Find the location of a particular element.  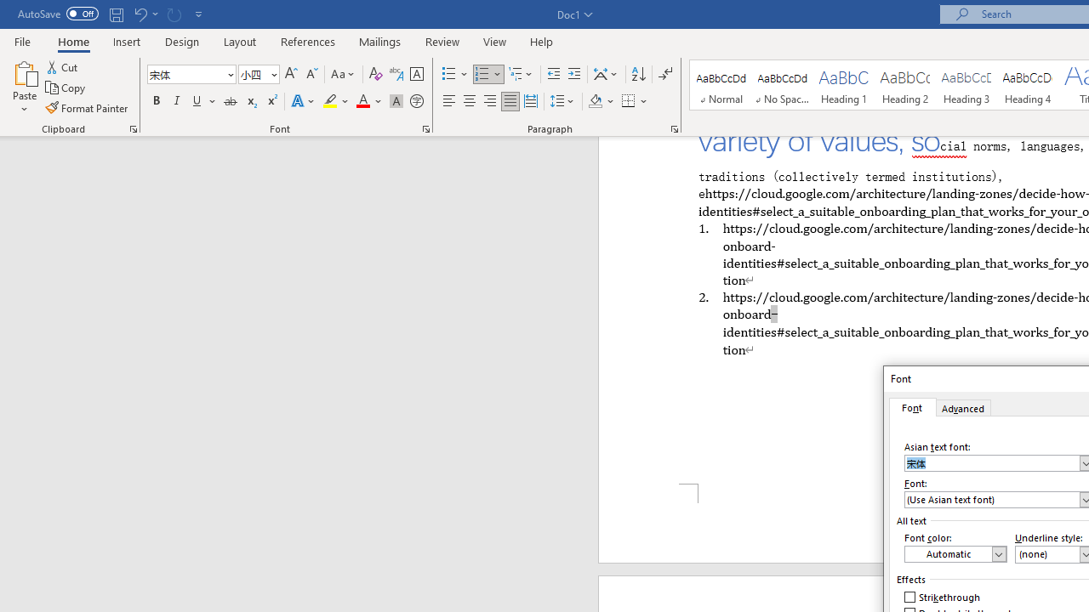

'Font Color' is located at coordinates (368, 101).